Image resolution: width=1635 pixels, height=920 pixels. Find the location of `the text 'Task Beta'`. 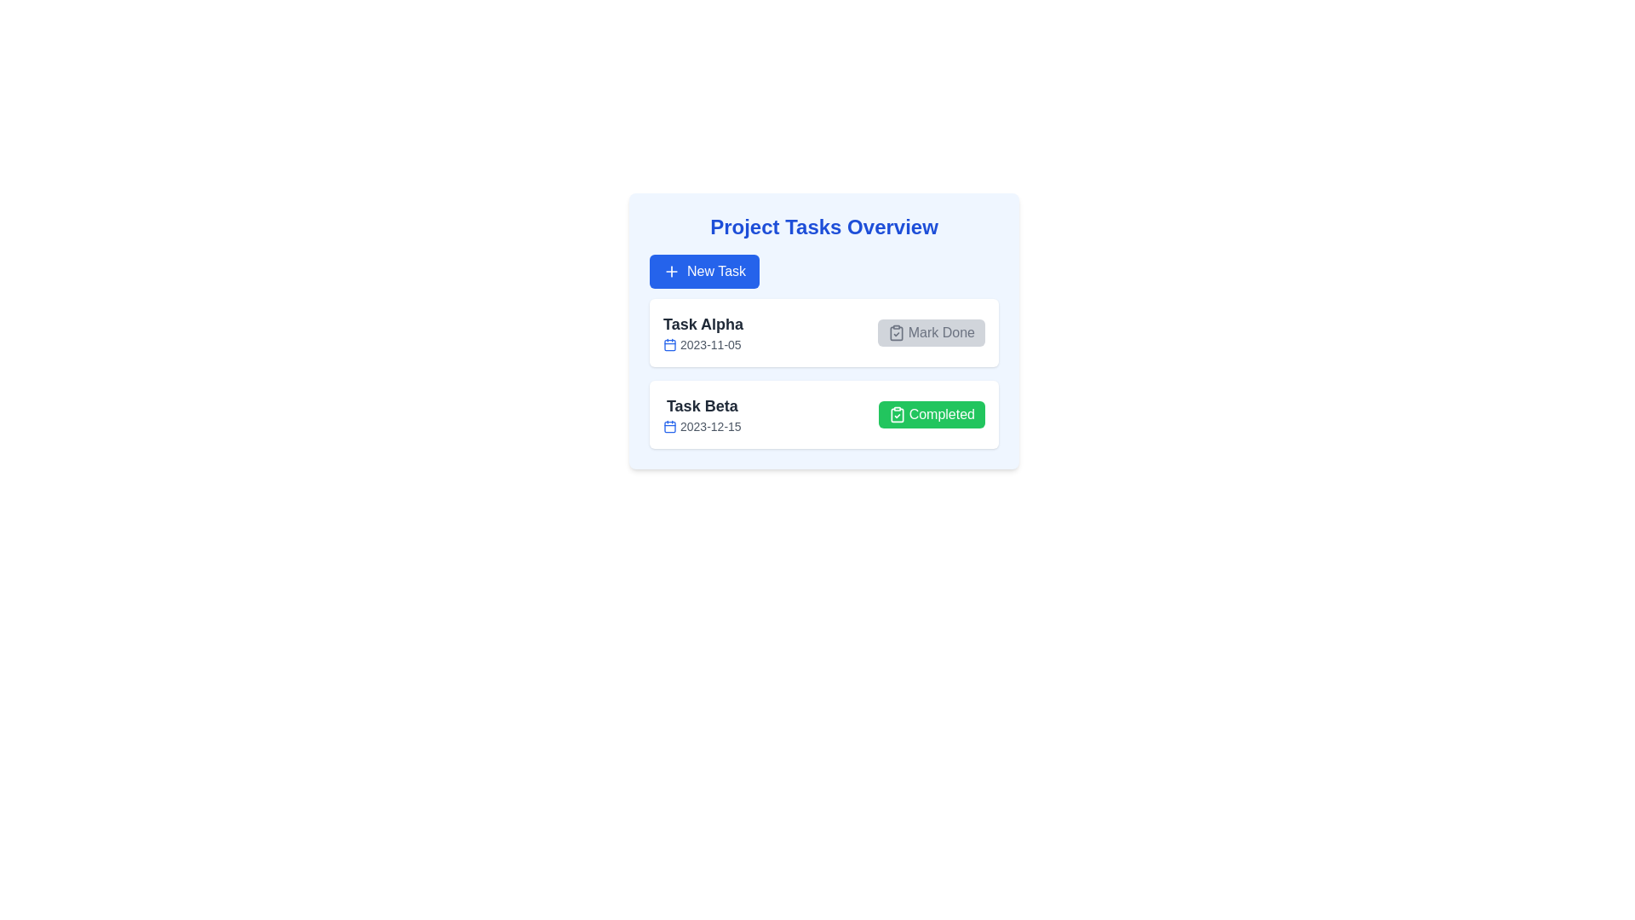

the text 'Task Beta' is located at coordinates (702, 414).